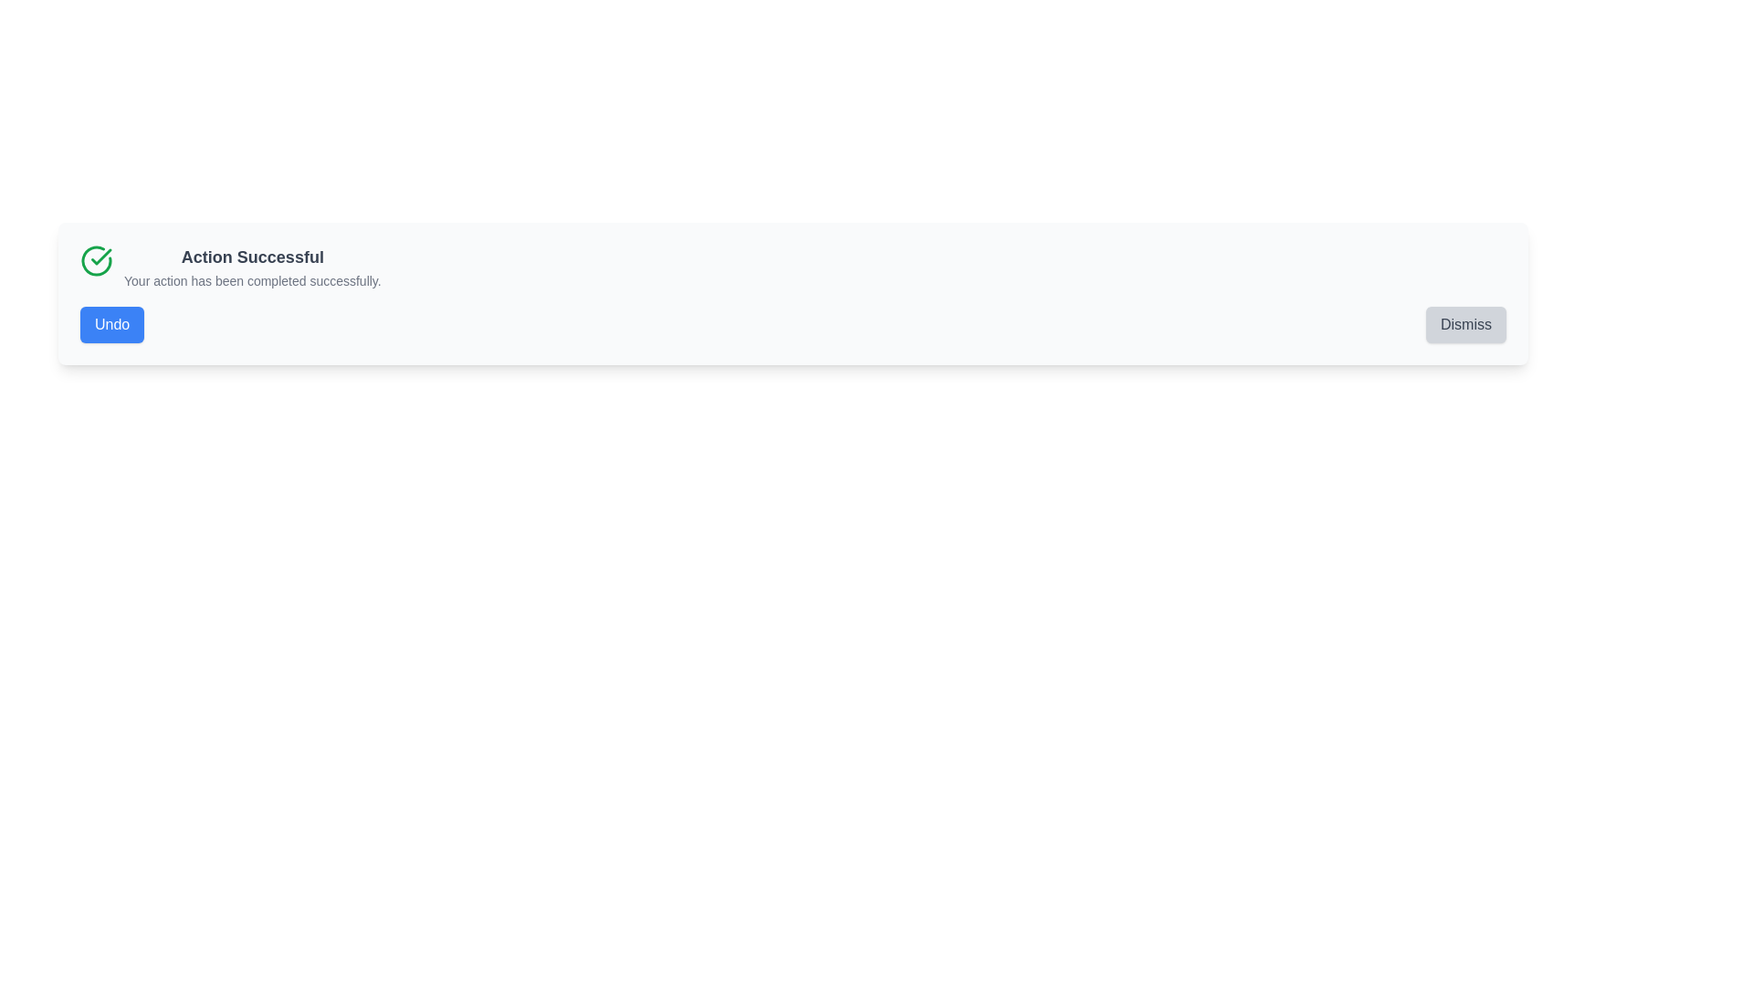  Describe the element at coordinates (1466, 323) in the screenshot. I see `the 'Dismiss' button, which is a rectangular button with rounded corners and a light gray background, located on the far right of the layout` at that location.